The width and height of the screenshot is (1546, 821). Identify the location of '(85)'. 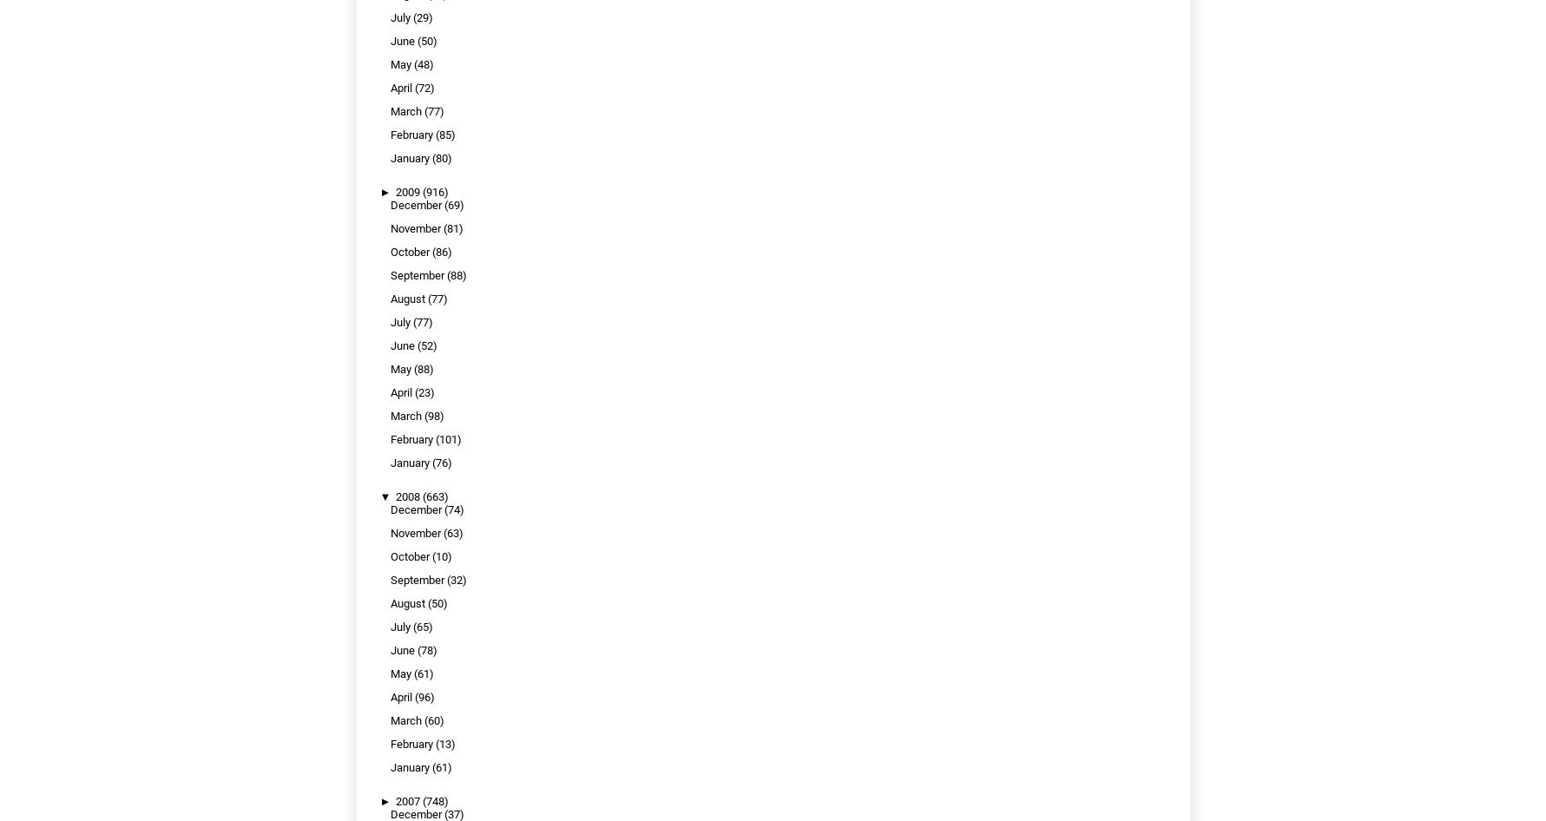
(444, 134).